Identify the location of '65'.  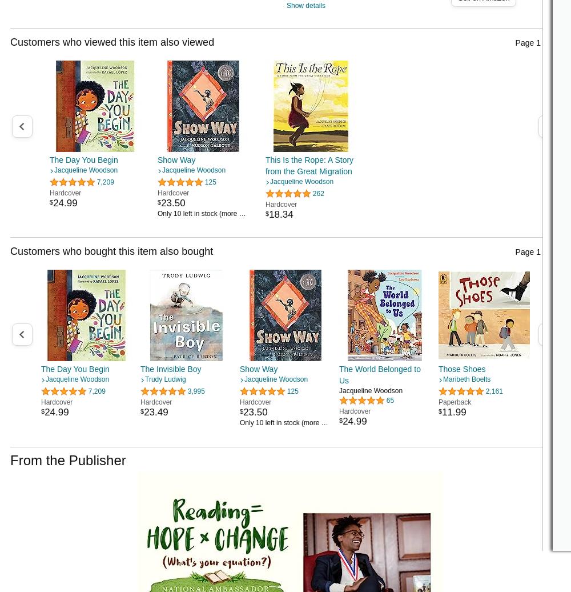
(386, 400).